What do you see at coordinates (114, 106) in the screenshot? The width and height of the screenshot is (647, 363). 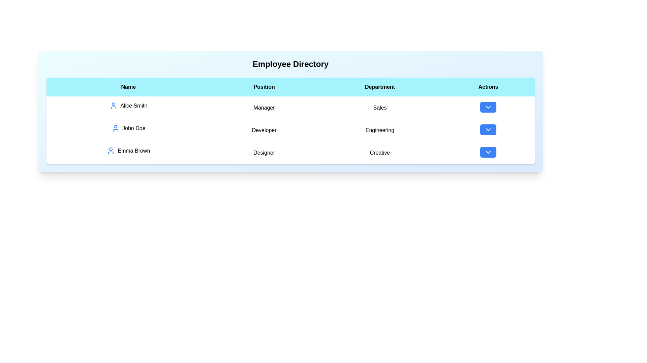 I see `the user silhouette icon with a blue color fill, located at the leftmost side of the row containing the name 'Alice Smith'` at bounding box center [114, 106].